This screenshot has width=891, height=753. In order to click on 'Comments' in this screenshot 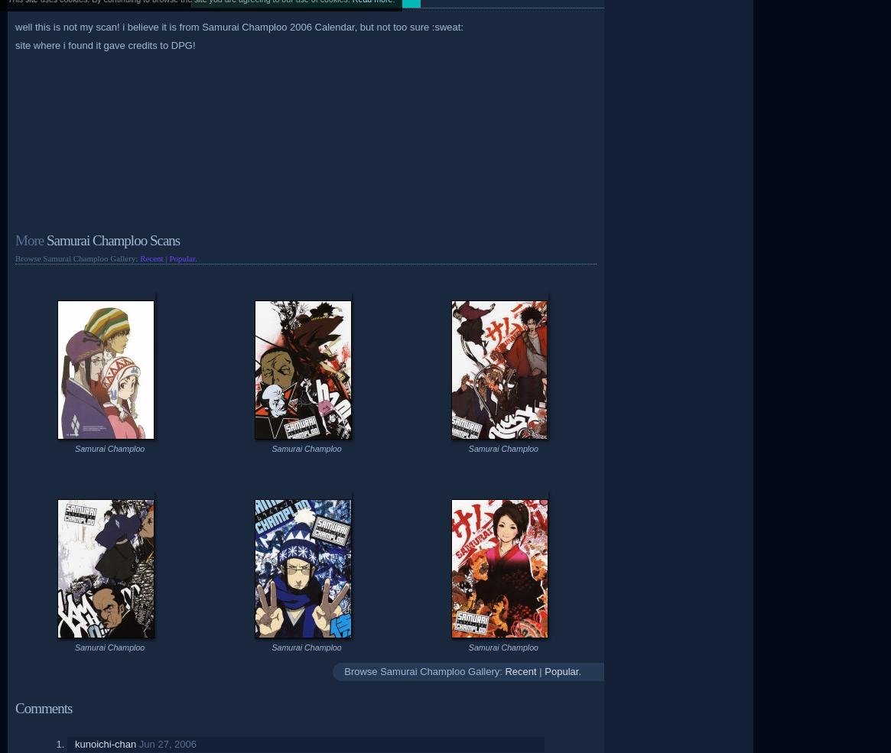, I will do `click(42, 707)`.